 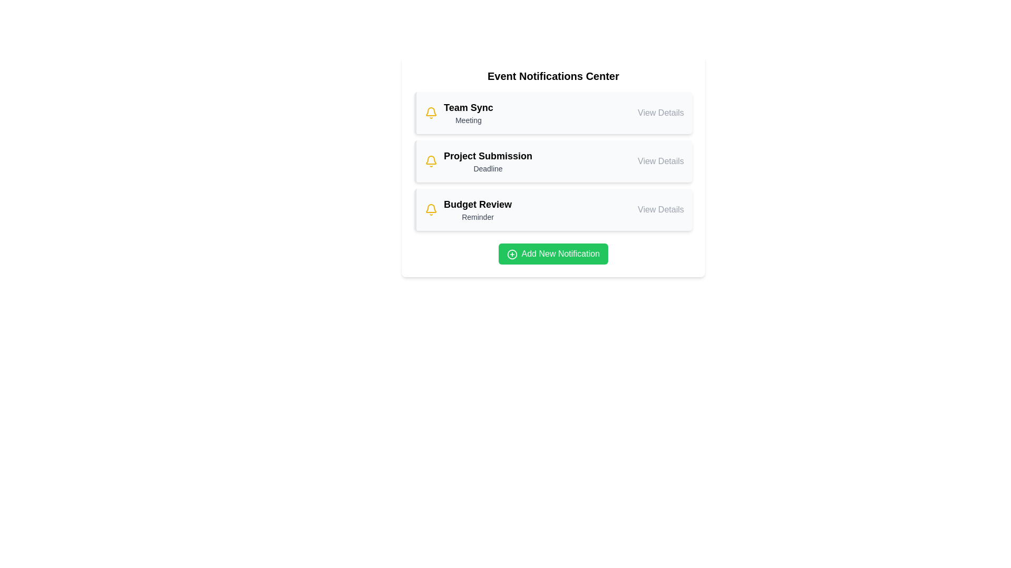 I want to click on the third notification item displaying 'Budget Review' in bold large font and 'Reminder' in smaller gray font, which is located below the 'Project Submission' notification and above the 'Add New Notification' button, so click(x=477, y=209).